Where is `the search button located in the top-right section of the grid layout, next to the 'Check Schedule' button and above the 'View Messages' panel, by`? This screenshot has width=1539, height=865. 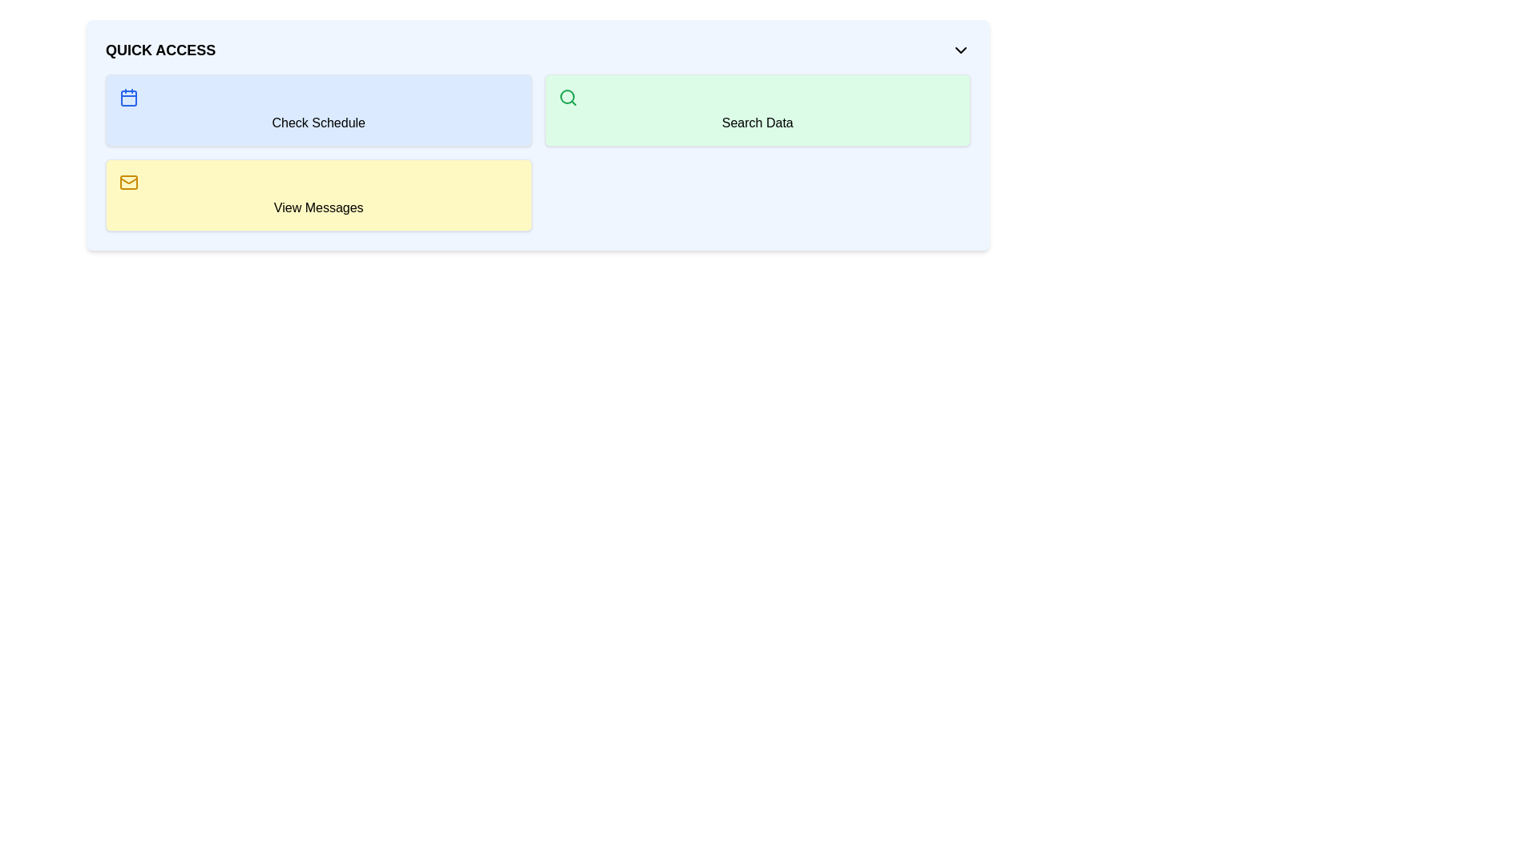
the search button located in the top-right section of the grid layout, next to the 'Check Schedule' button and above the 'View Messages' panel, by is located at coordinates (757, 110).